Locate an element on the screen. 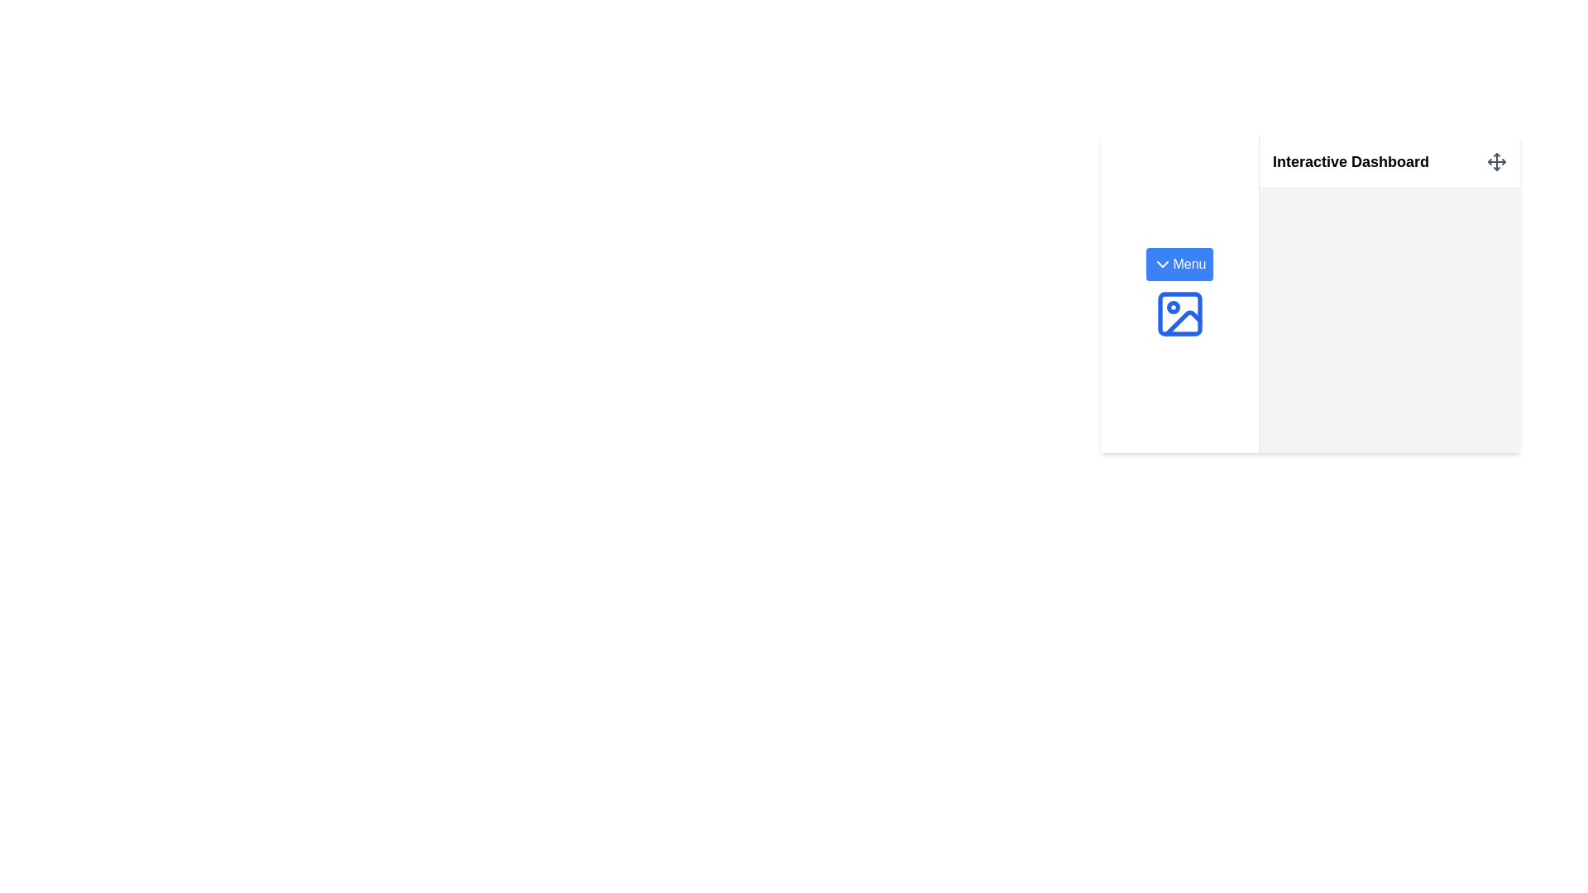  text of the header element located at the top-right of the page, which may contain interactive elements and suggests it is draggable is located at coordinates (1389, 162).